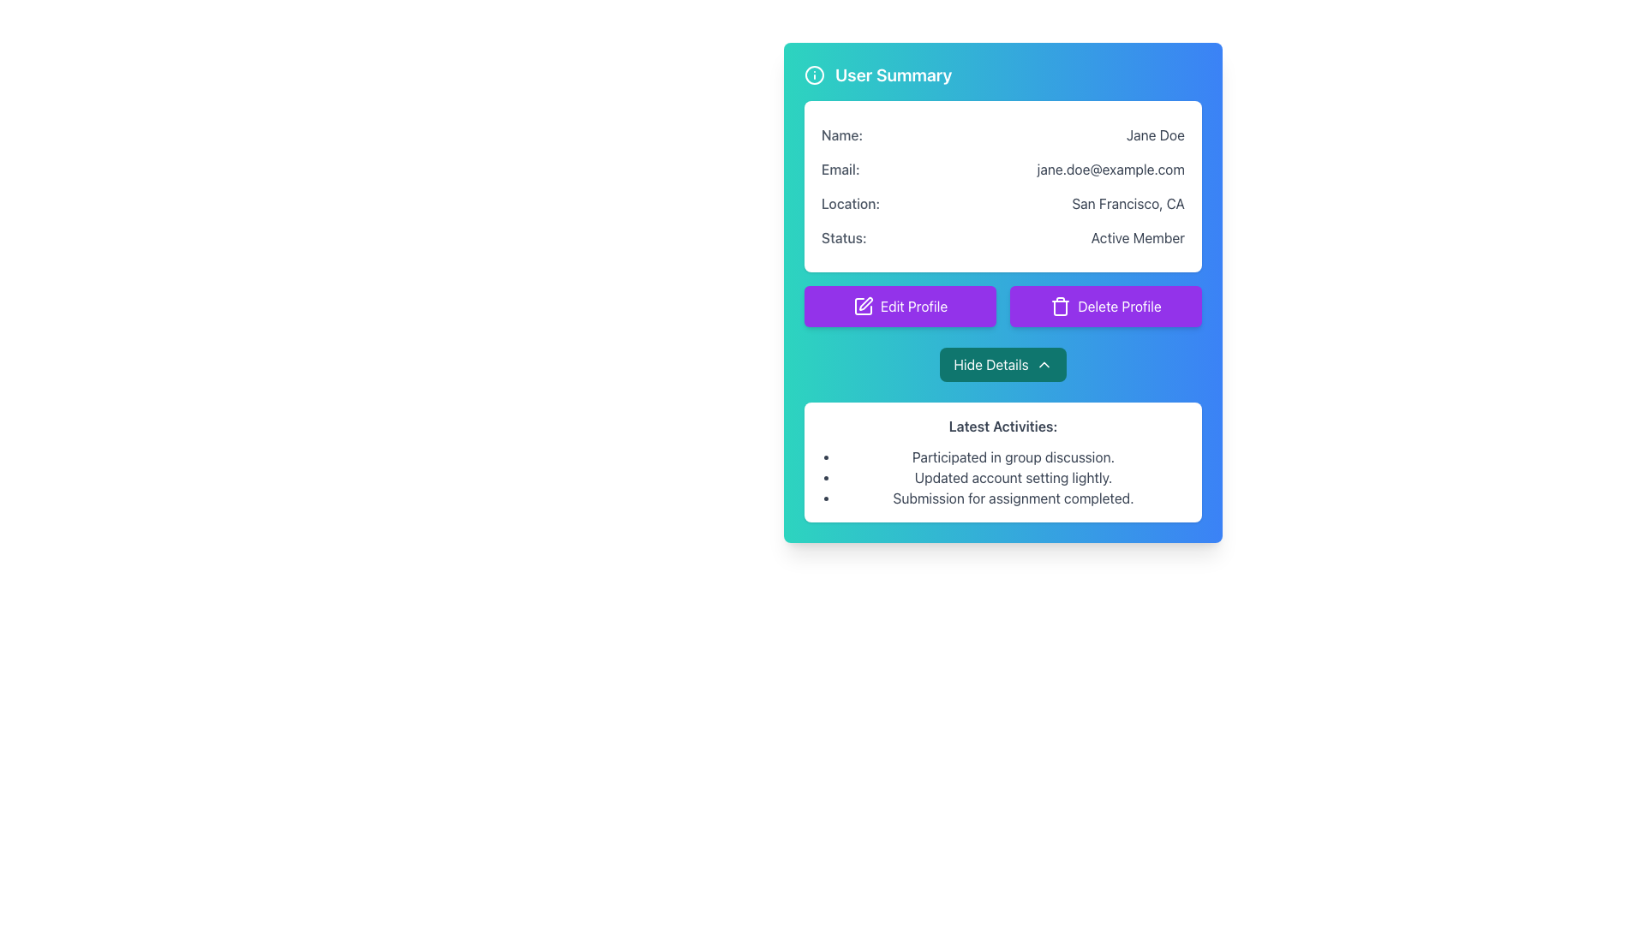 The height and width of the screenshot is (925, 1645). I want to click on the third bullet point in the 'Latest Activities' section that states 'Submission for assignment completed.', so click(1013, 498).